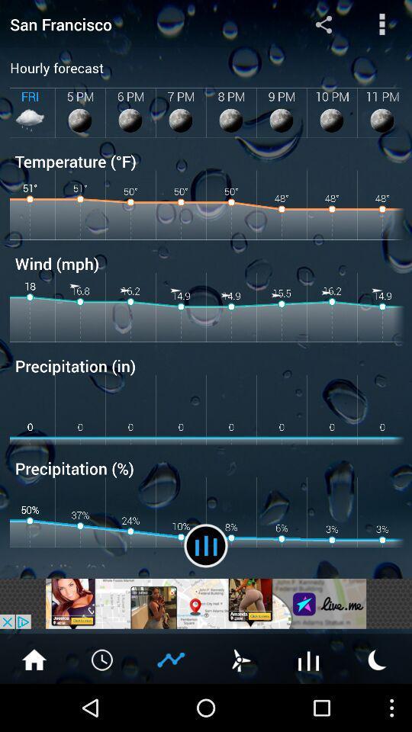 This screenshot has width=412, height=732. Describe the element at coordinates (377, 658) in the screenshot. I see `night` at that location.